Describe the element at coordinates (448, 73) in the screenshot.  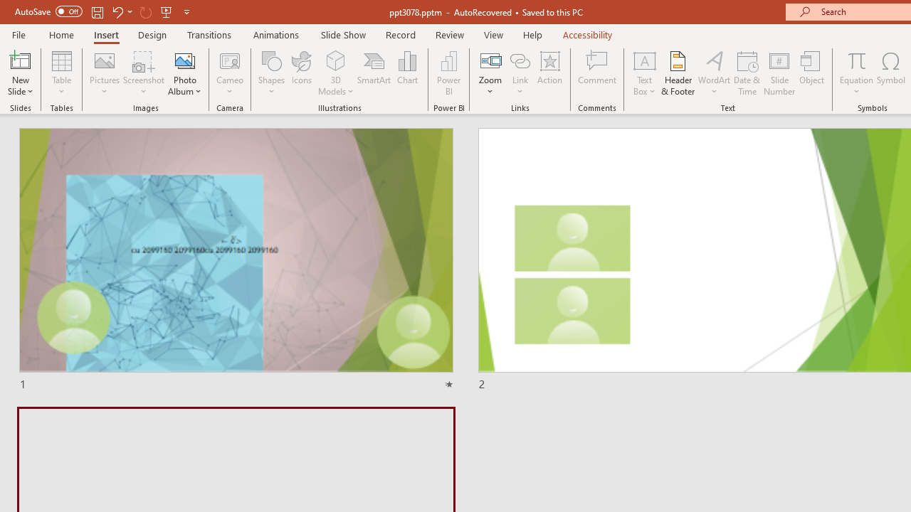
I see `'Power BI'` at that location.